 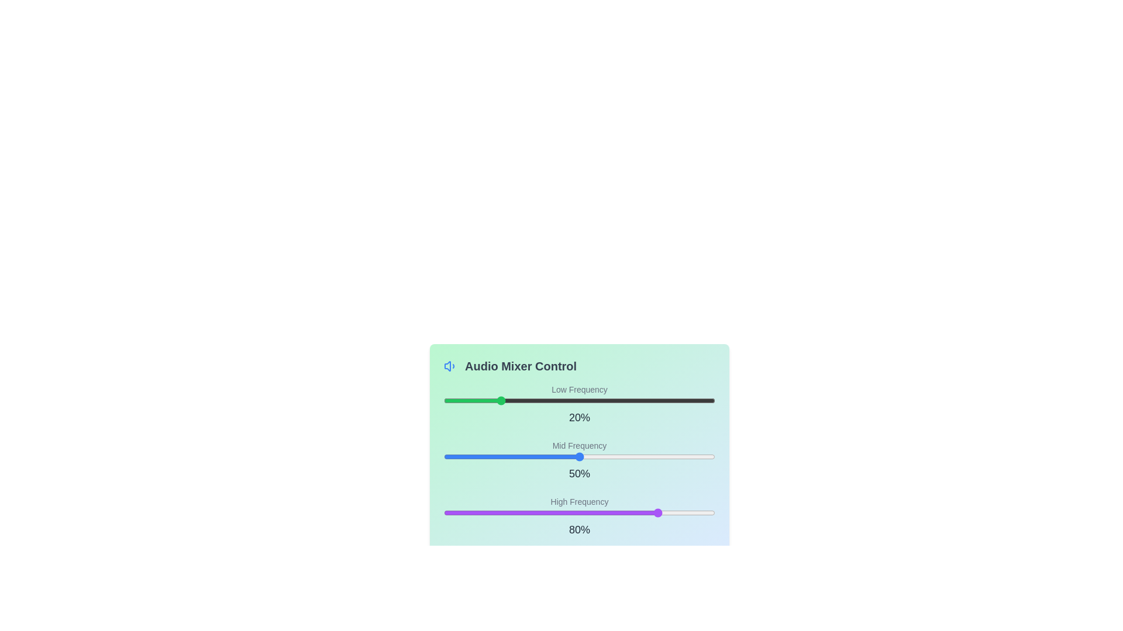 What do you see at coordinates (563, 456) in the screenshot?
I see `the 'Mid Frequency' slider` at bounding box center [563, 456].